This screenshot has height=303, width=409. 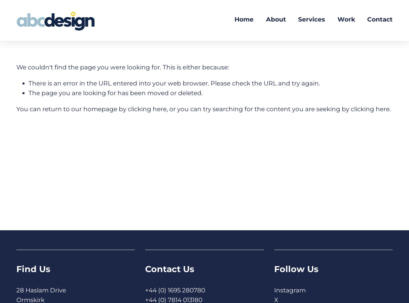 I want to click on 'Follow Us', so click(x=295, y=269).